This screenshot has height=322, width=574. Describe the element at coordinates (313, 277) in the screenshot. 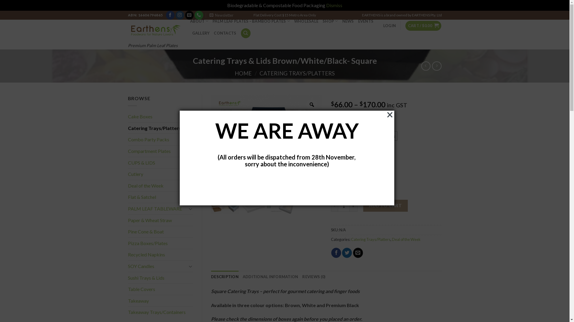

I see `'REVIEWS (0)'` at that location.